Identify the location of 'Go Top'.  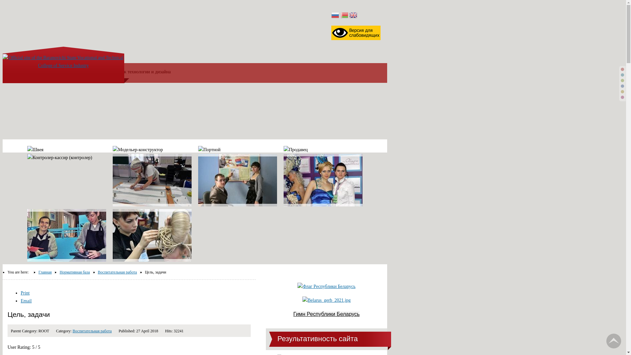
(613, 341).